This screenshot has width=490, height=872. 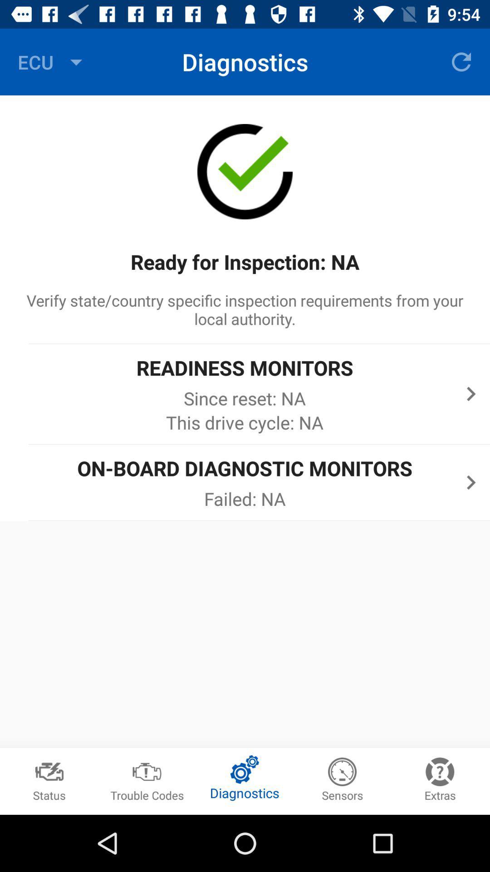 I want to click on icon next to the diagnostics icon, so click(x=52, y=61).